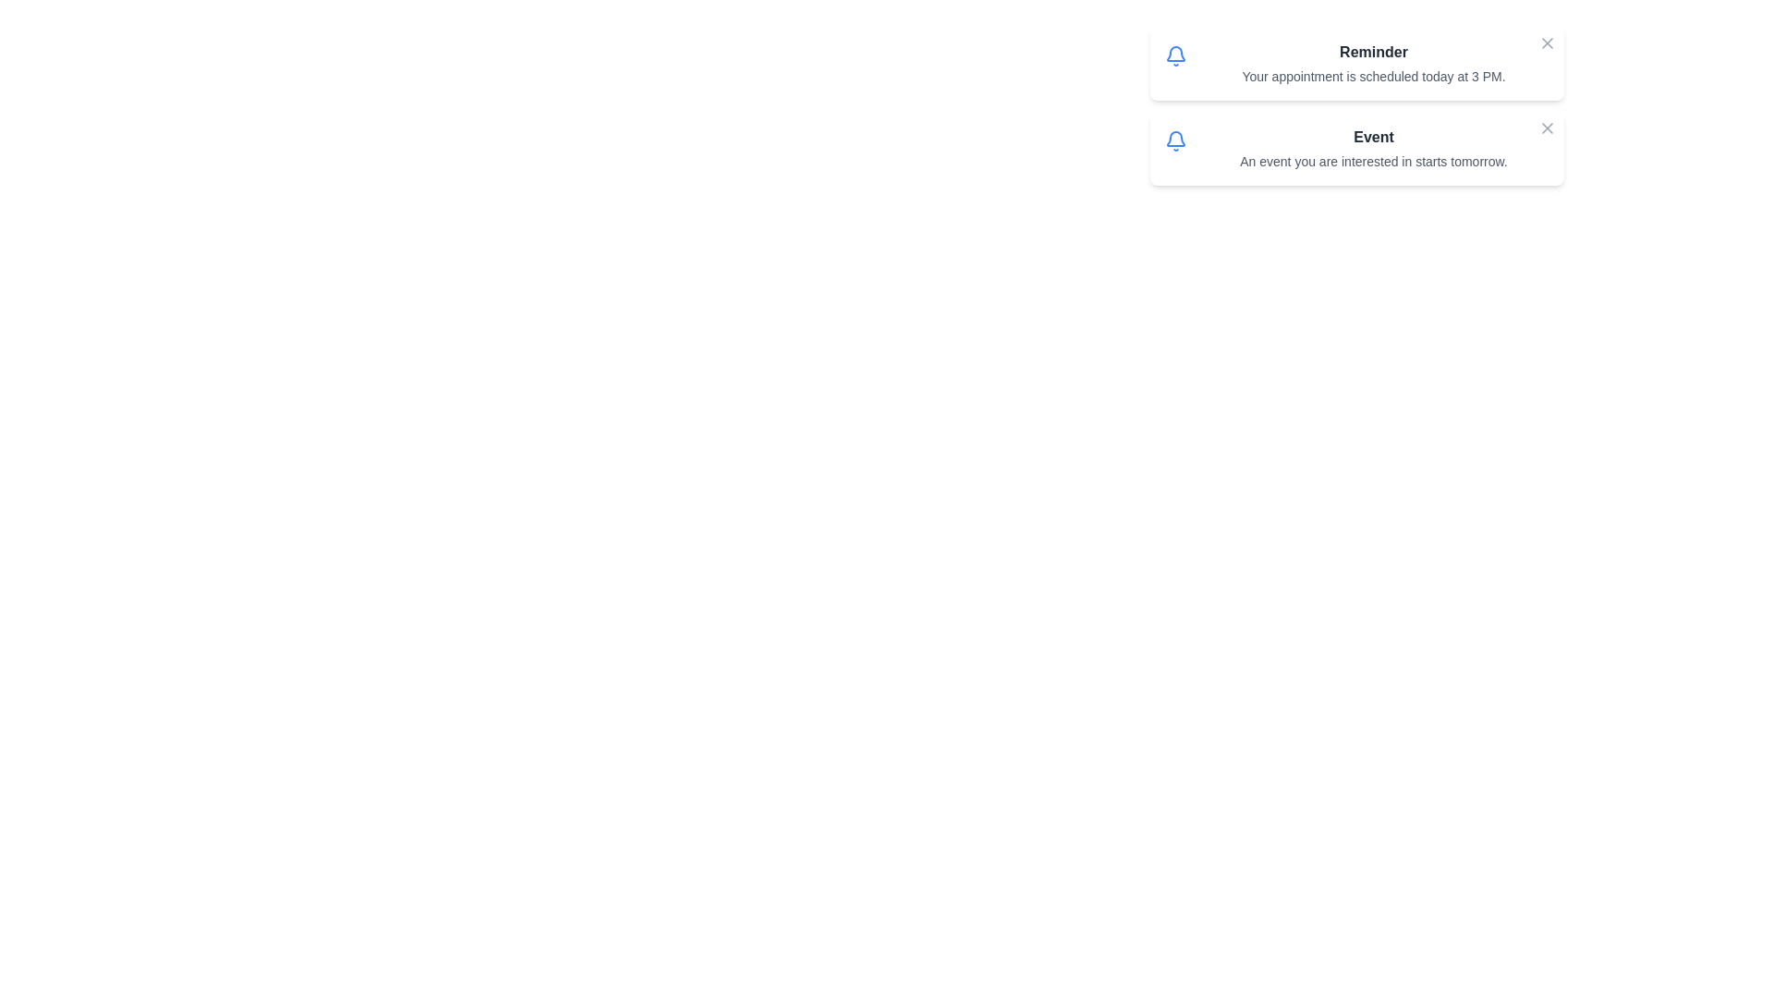 The image size is (1774, 998). What do you see at coordinates (1374, 160) in the screenshot?
I see `the informative description text located at the left-bottom of the notification card, below the header text 'Event'` at bounding box center [1374, 160].